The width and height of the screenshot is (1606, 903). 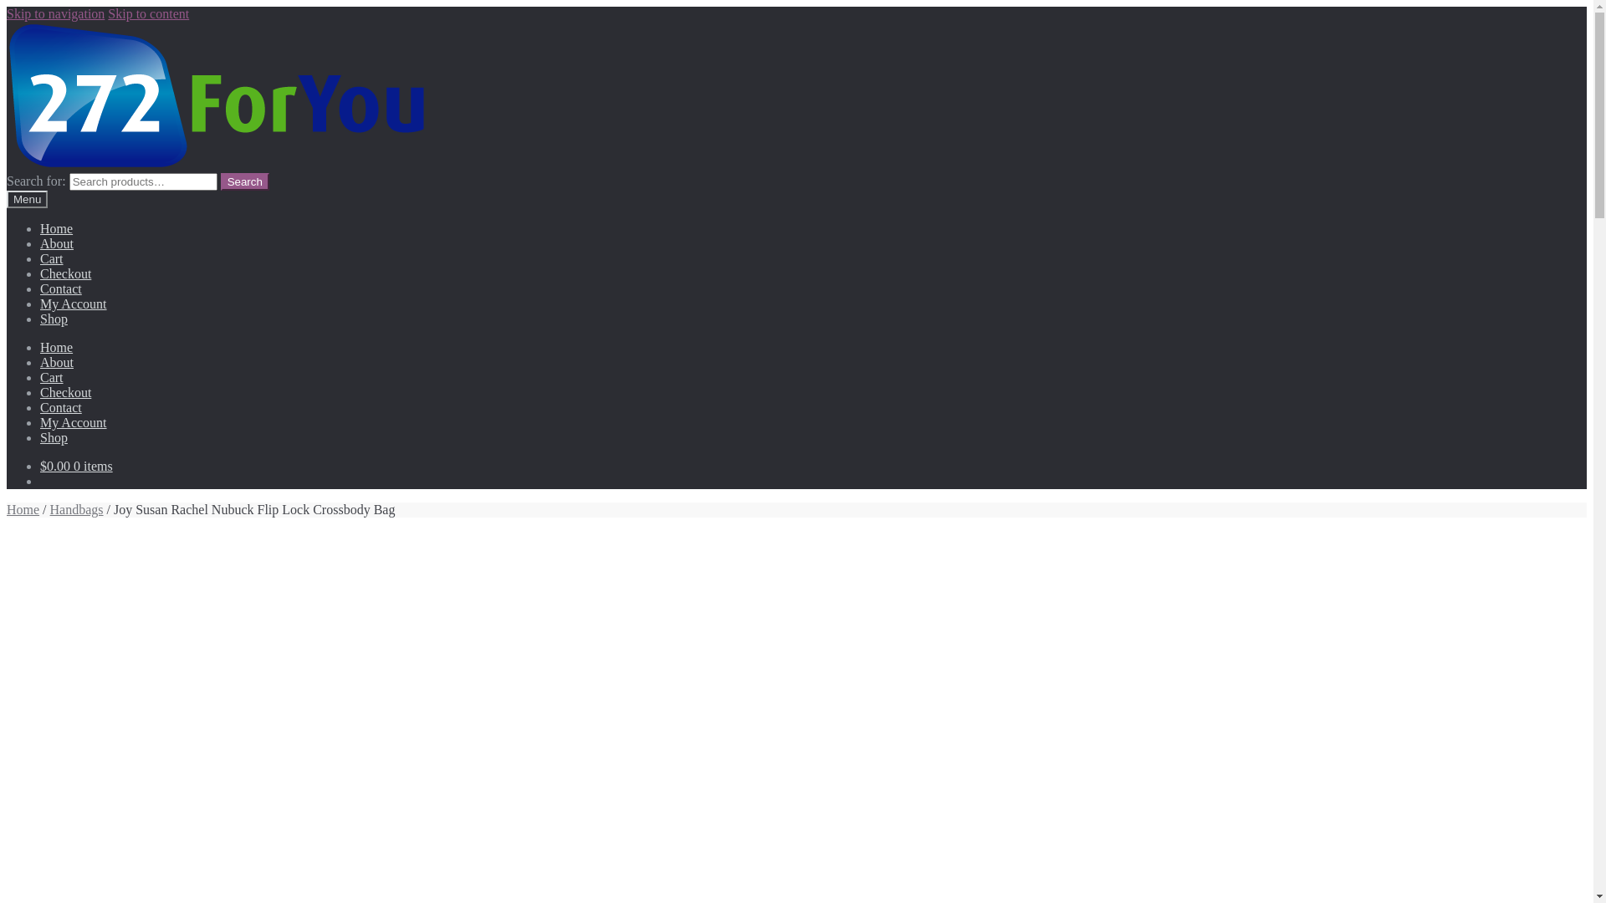 What do you see at coordinates (65, 392) in the screenshot?
I see `'Checkout'` at bounding box center [65, 392].